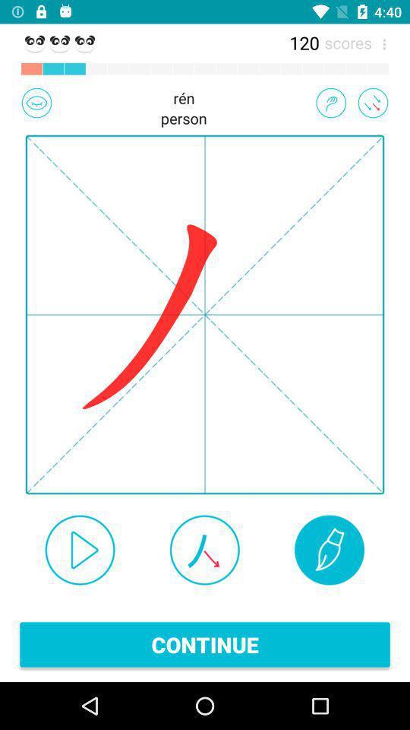 Image resolution: width=410 pixels, height=730 pixels. Describe the element at coordinates (330, 102) in the screenshot. I see `icon to the right of the person item` at that location.